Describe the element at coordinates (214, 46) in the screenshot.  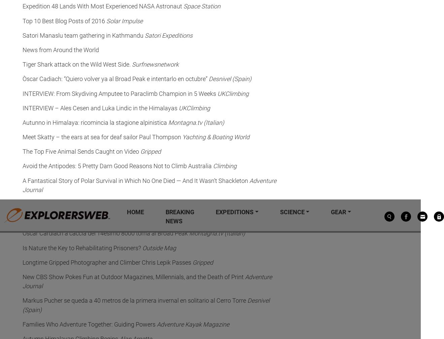
I see `'October 31, 2023'` at that location.